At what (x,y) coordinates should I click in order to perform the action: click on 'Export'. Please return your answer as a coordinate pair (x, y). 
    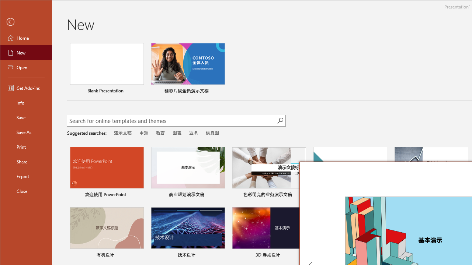
    Looking at the image, I should click on (26, 176).